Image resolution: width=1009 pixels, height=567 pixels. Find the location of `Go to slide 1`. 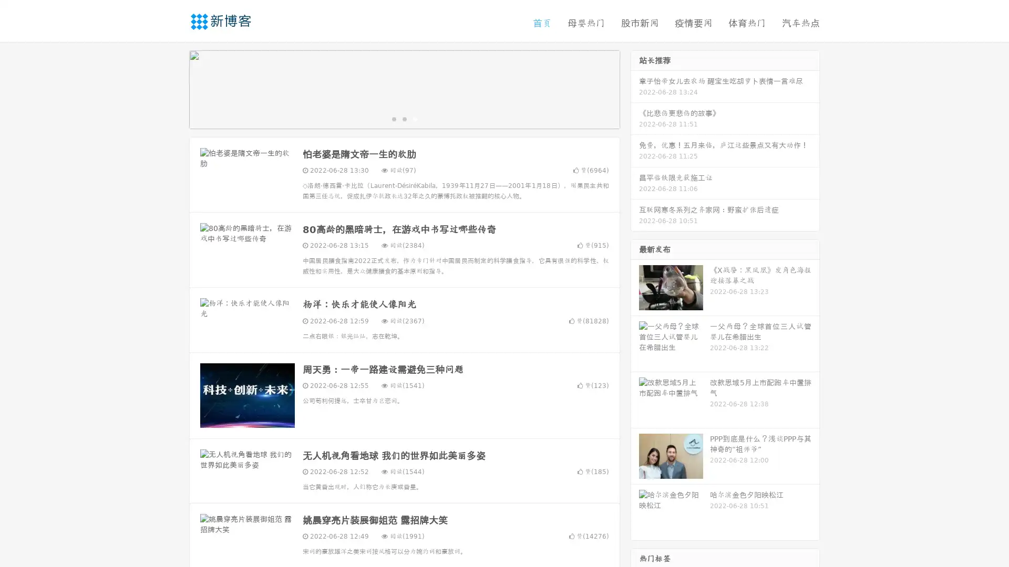

Go to slide 1 is located at coordinates (393, 118).